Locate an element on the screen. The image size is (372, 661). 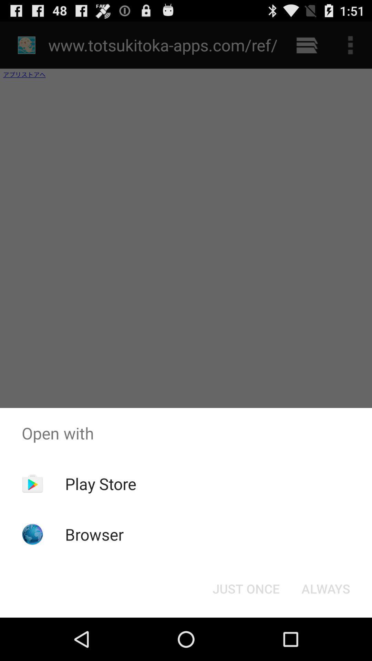
the icon at the bottom right corner is located at coordinates (325, 588).